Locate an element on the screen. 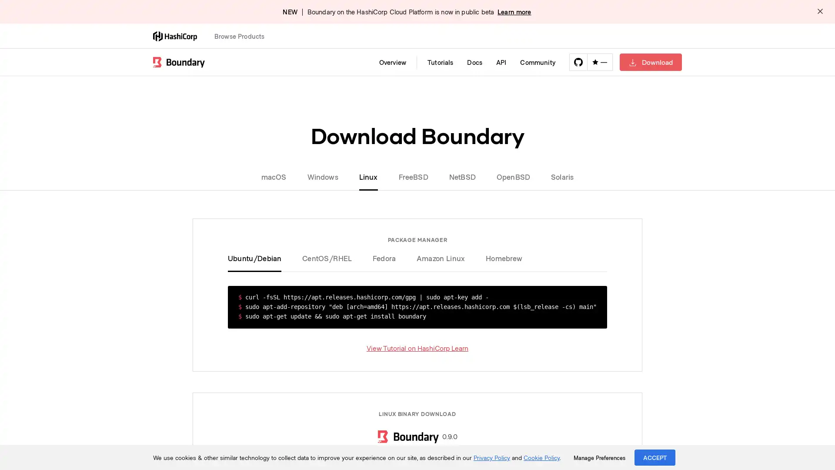  macOS is located at coordinates (279, 176).